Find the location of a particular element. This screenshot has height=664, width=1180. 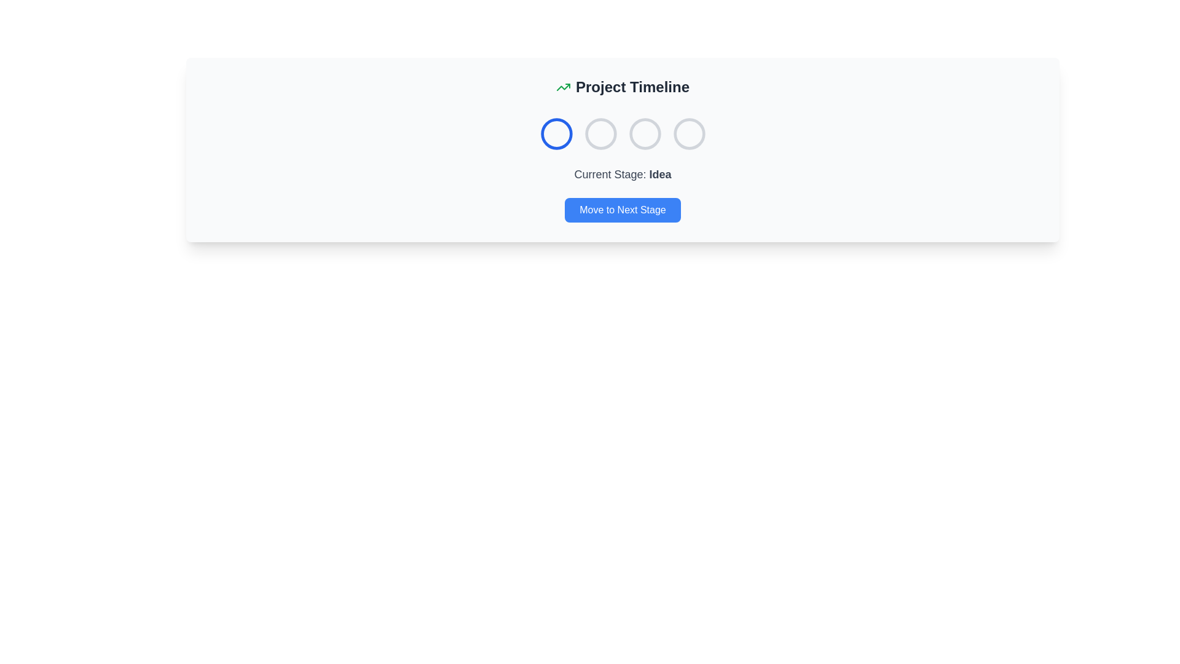

the informative label that reads 'Current Stage: Idea', emphasizing the bold text 'Idea', located centrally under the progress stage icons and above the 'Move to Next Stage' button is located at coordinates (623, 175).